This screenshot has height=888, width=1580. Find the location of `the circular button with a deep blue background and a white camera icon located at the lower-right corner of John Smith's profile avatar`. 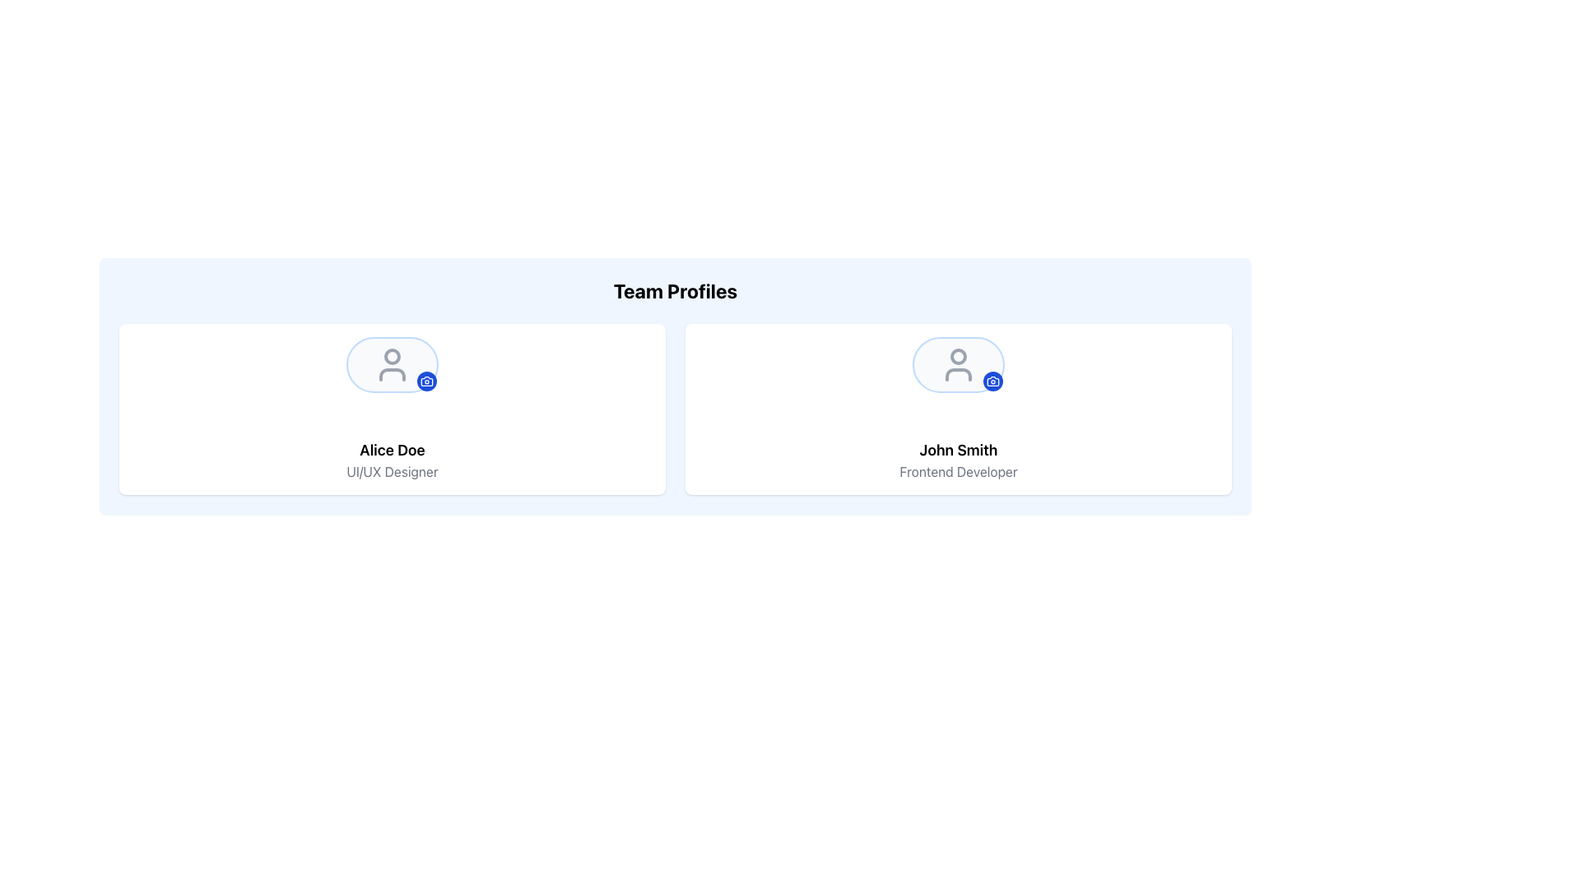

the circular button with a deep blue background and a white camera icon located at the lower-right corner of John Smith's profile avatar is located at coordinates (992, 381).